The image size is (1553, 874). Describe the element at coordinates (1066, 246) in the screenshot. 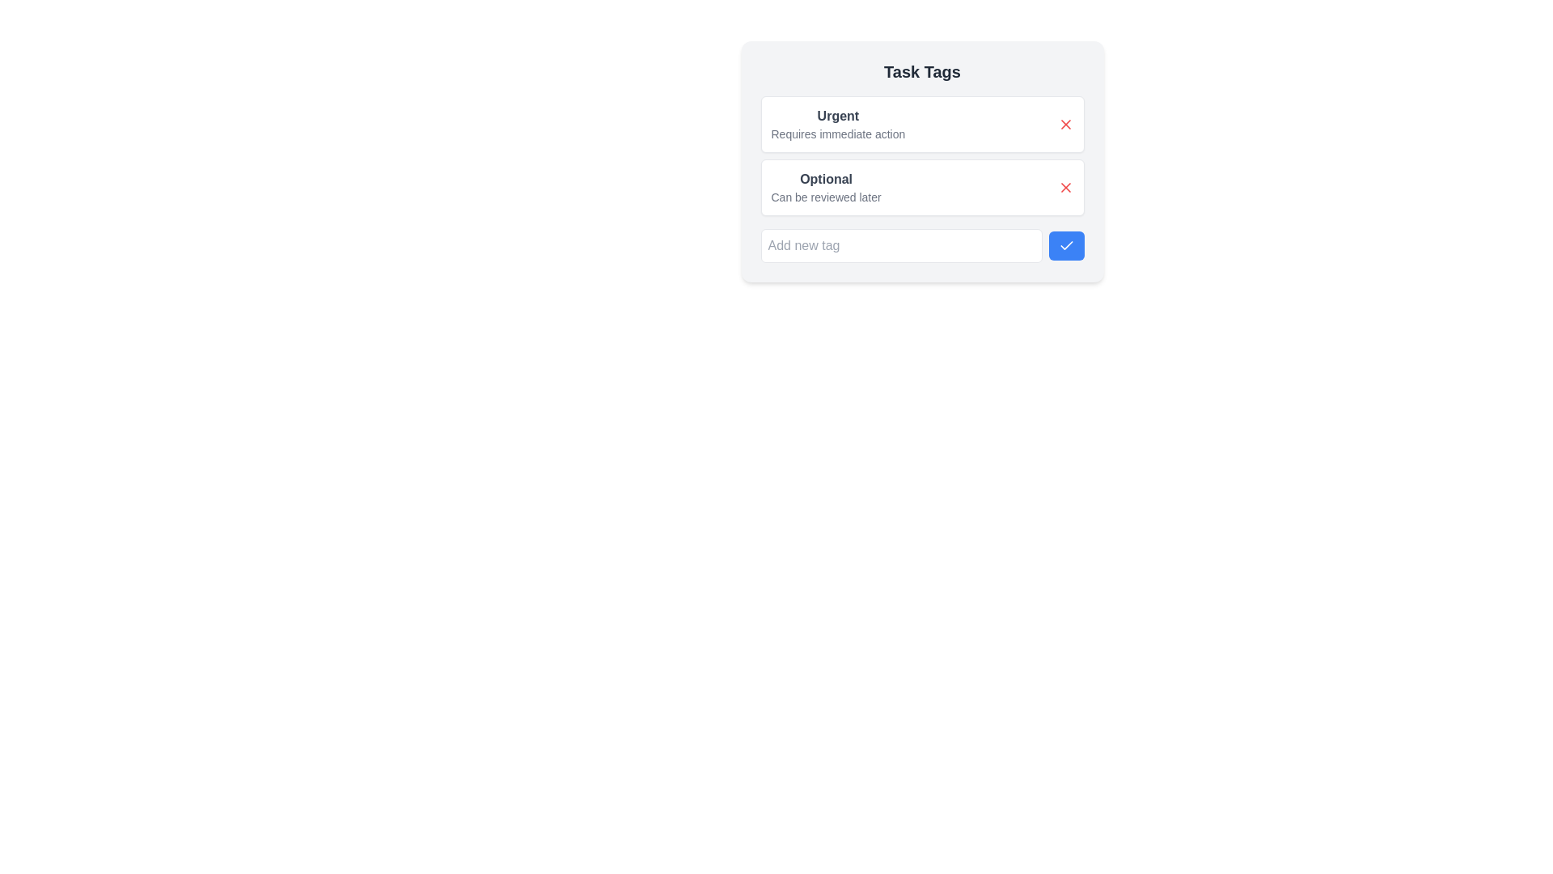

I see `the button located at the rightmost end of the row containing the input box to confirm an action` at that location.